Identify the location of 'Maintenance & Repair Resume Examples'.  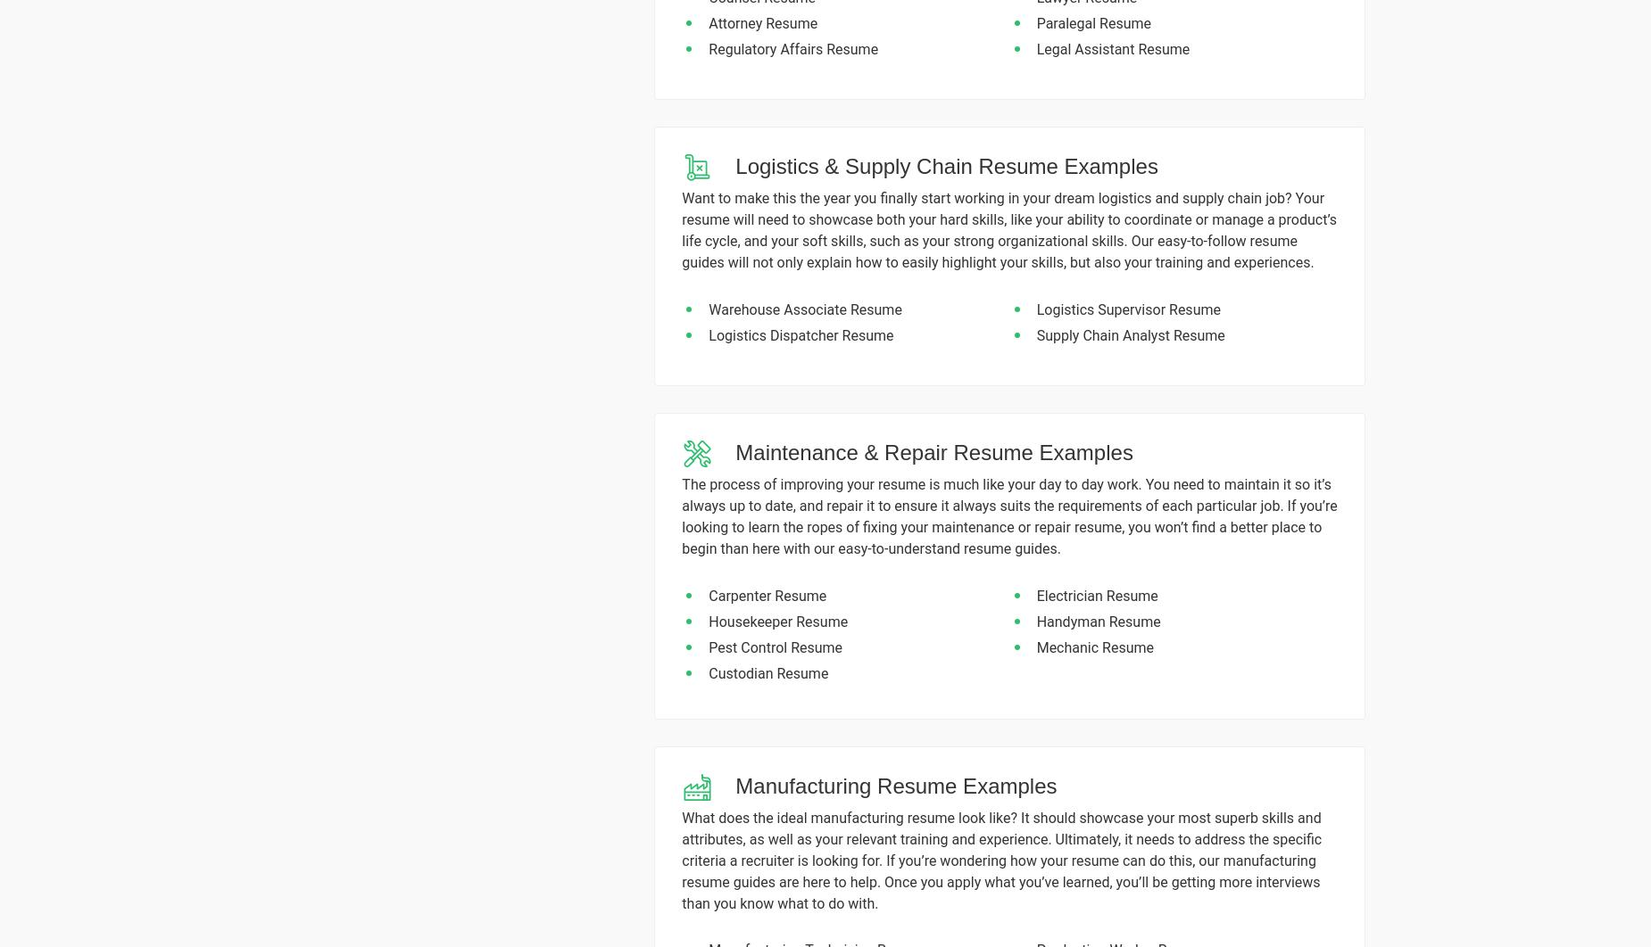
(933, 450).